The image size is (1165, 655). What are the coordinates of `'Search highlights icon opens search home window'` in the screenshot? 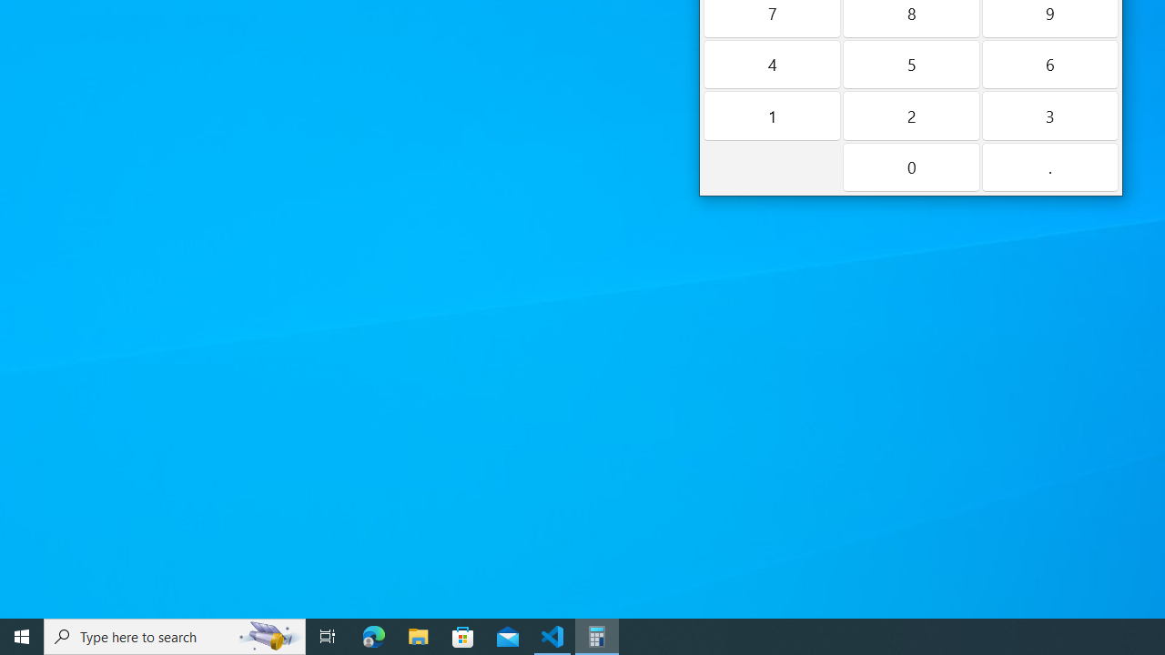 It's located at (268, 635).